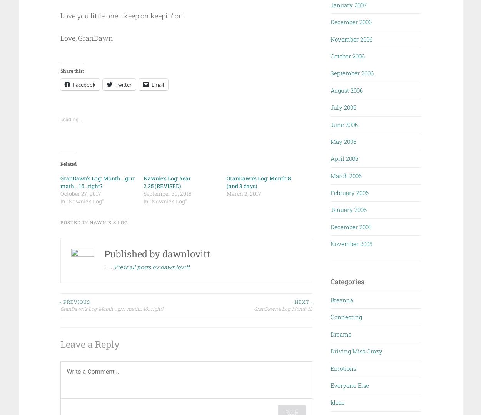 The height and width of the screenshot is (415, 481). What do you see at coordinates (343, 107) in the screenshot?
I see `'July 2006'` at bounding box center [343, 107].